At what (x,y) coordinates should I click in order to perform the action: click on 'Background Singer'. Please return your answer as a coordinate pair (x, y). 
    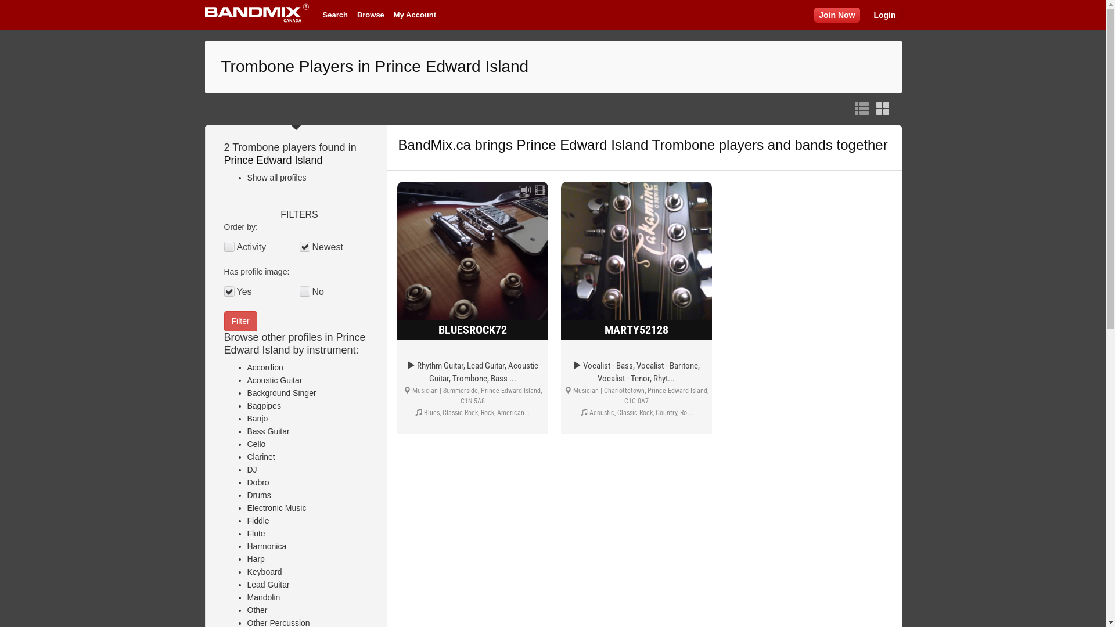
    Looking at the image, I should click on (282, 392).